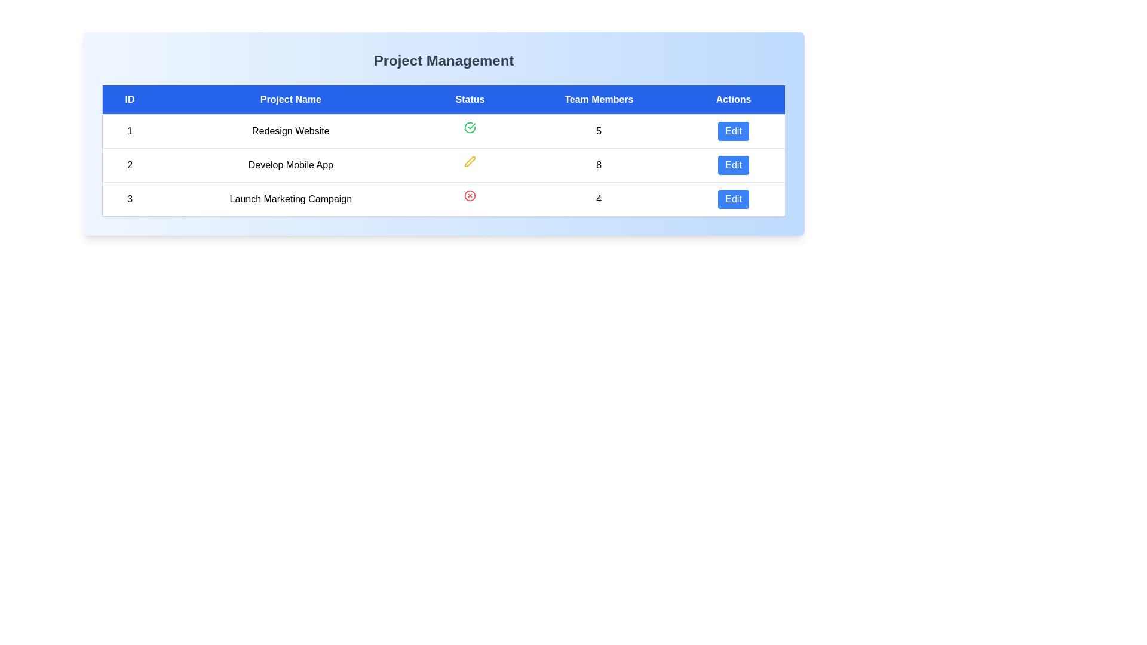  I want to click on the 'Edit' button for the project with ID 3, so click(733, 199).